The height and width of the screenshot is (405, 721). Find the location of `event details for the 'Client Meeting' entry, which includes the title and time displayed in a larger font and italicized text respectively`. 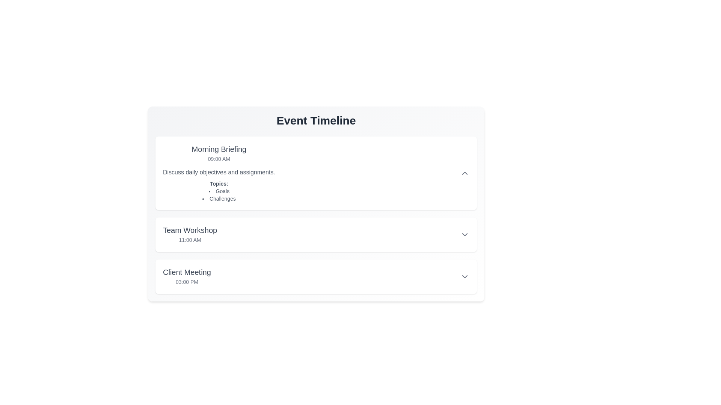

event details for the 'Client Meeting' entry, which includes the title and time displayed in a larger font and italicized text respectively is located at coordinates (187, 276).